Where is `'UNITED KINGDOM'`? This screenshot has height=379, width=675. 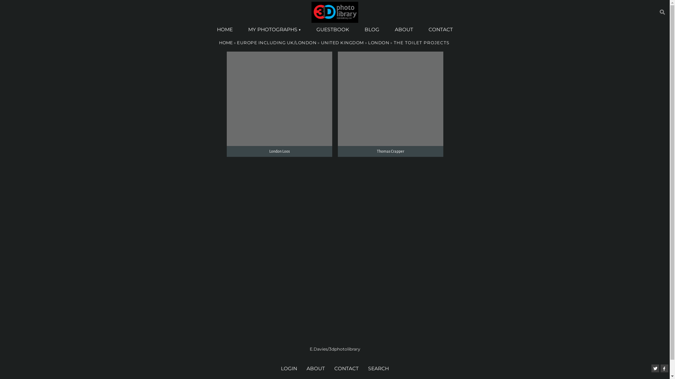 'UNITED KINGDOM' is located at coordinates (342, 42).